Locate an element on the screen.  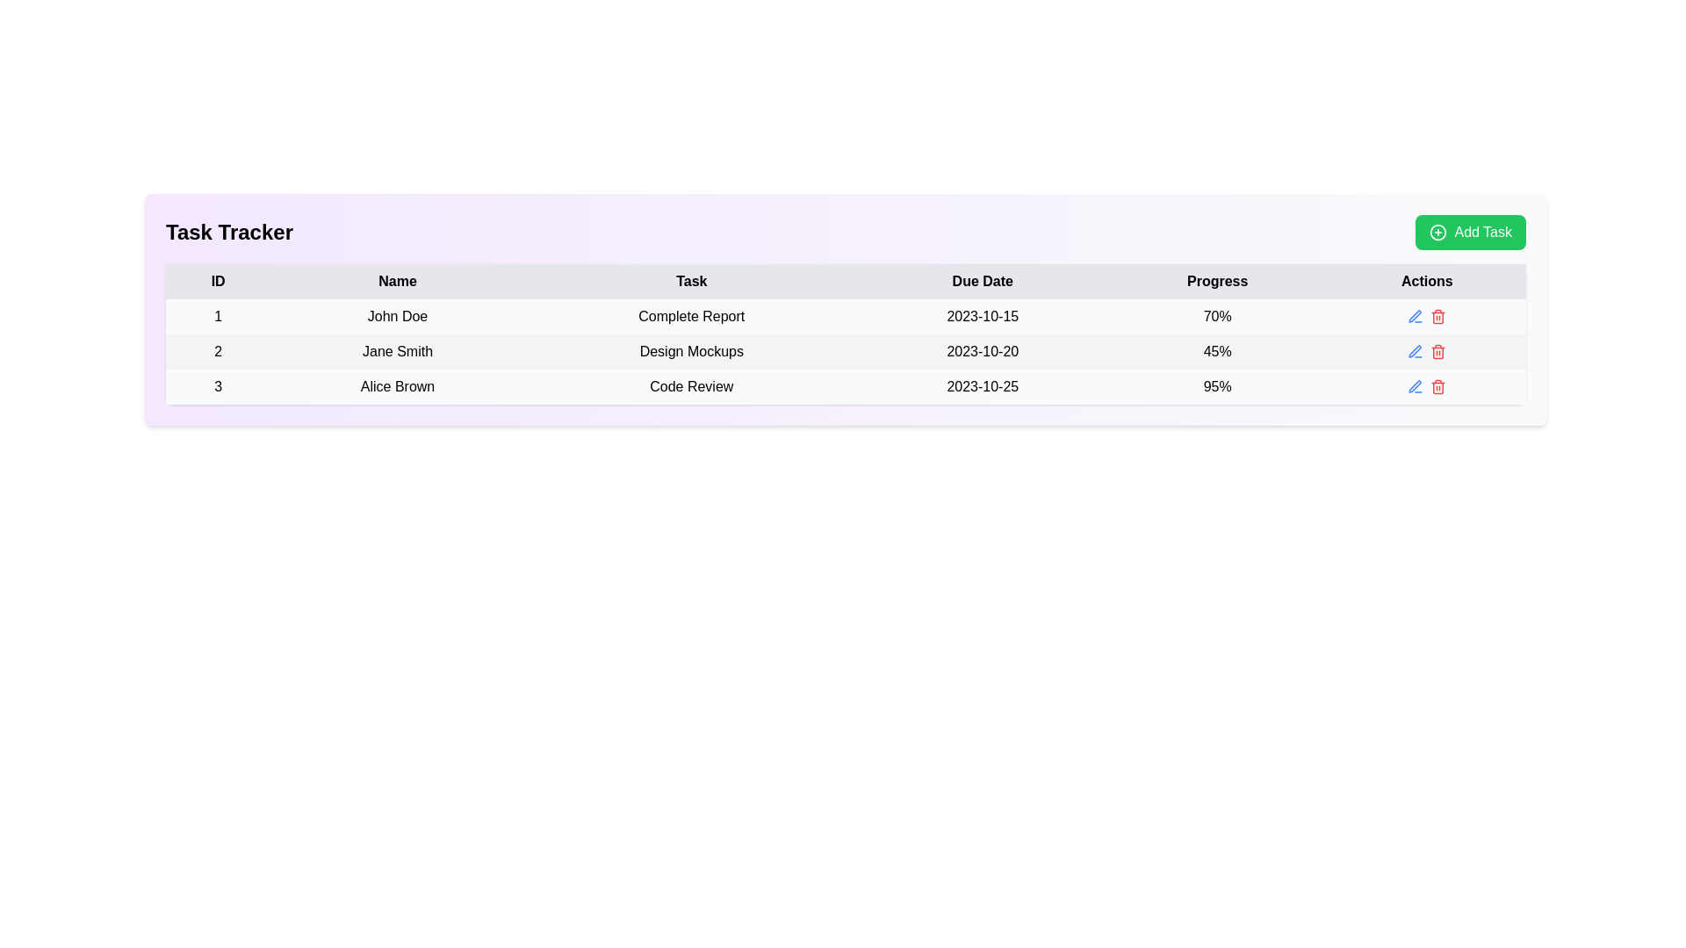
the second row in the task tracking table containing the entry for 'Jane Smith' with the ID '2' by clicking on it is located at coordinates (846, 352).